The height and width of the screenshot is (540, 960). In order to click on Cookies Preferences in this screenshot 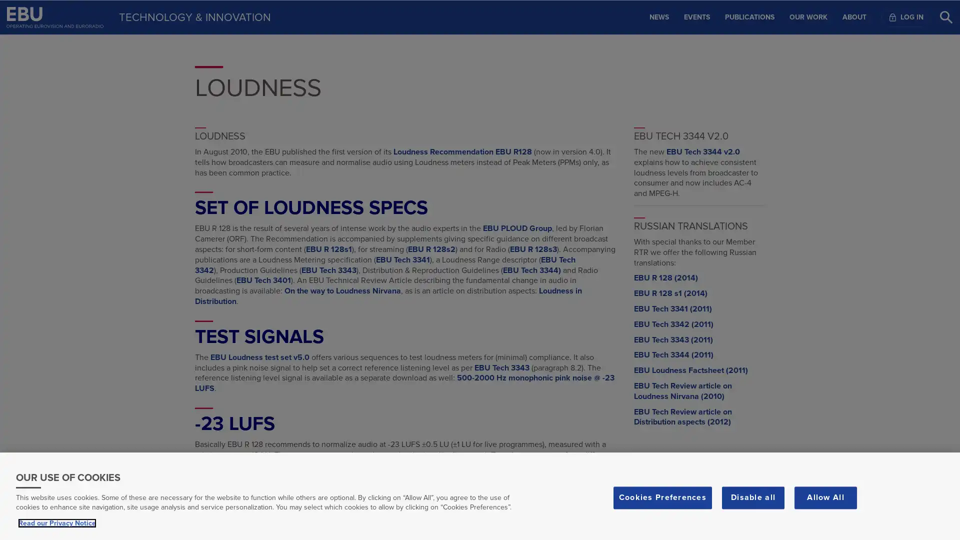, I will do `click(662, 497)`.